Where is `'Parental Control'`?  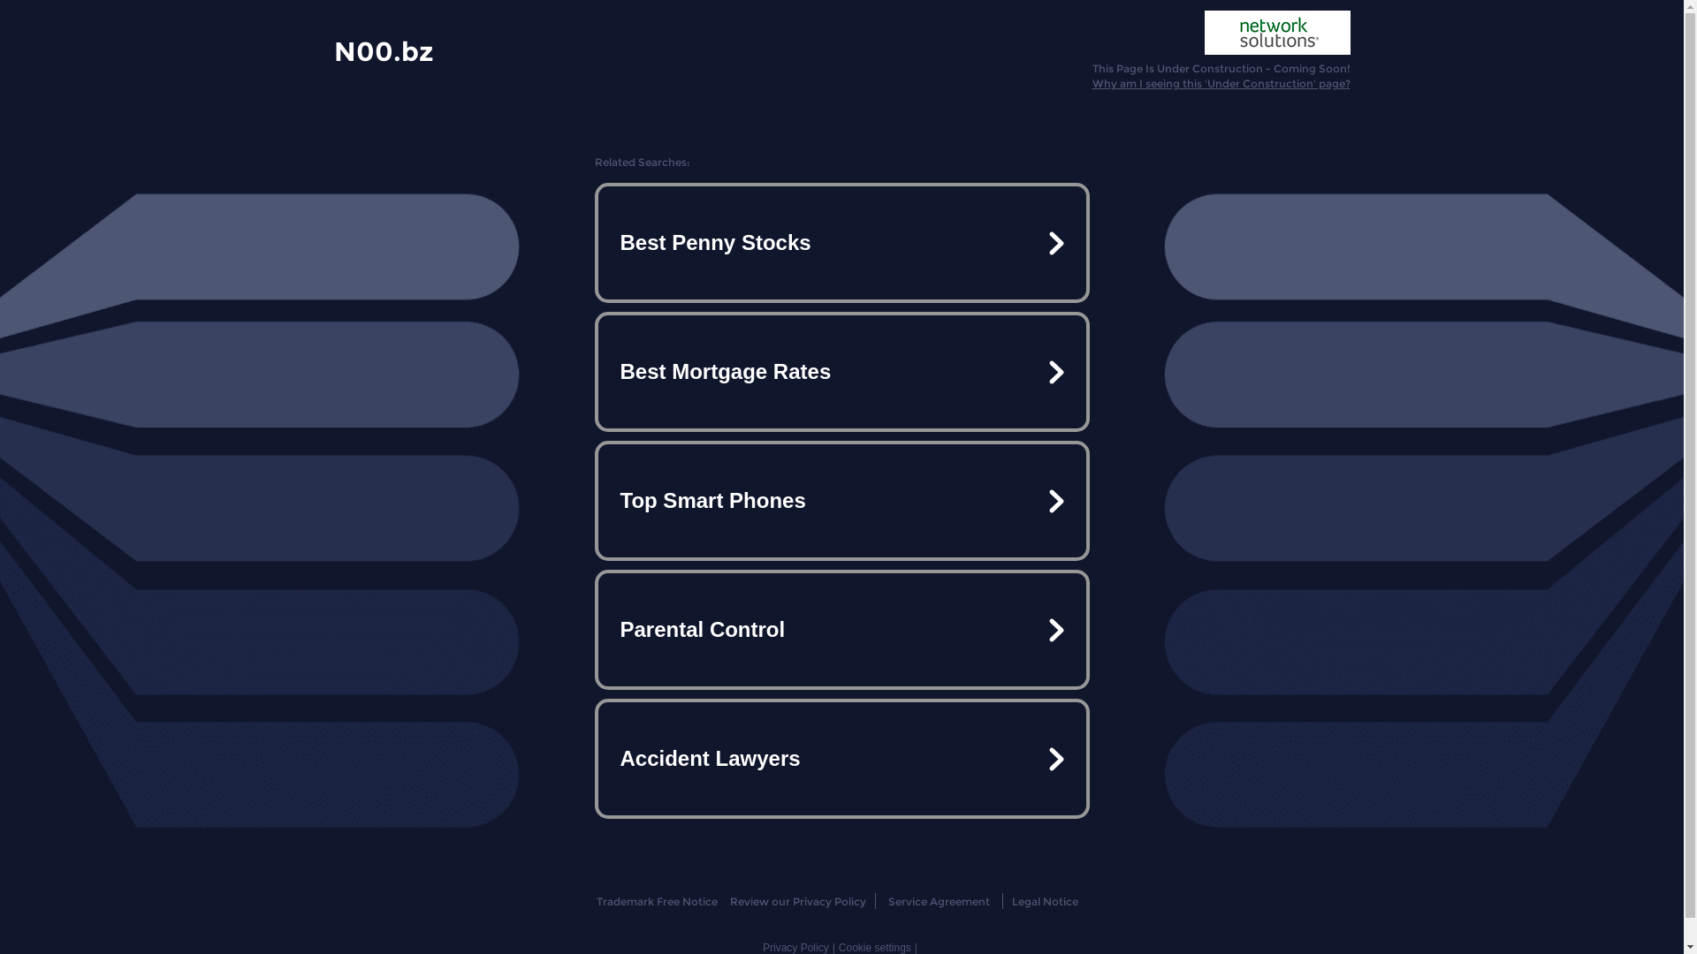
'Parental Control' is located at coordinates (840, 629).